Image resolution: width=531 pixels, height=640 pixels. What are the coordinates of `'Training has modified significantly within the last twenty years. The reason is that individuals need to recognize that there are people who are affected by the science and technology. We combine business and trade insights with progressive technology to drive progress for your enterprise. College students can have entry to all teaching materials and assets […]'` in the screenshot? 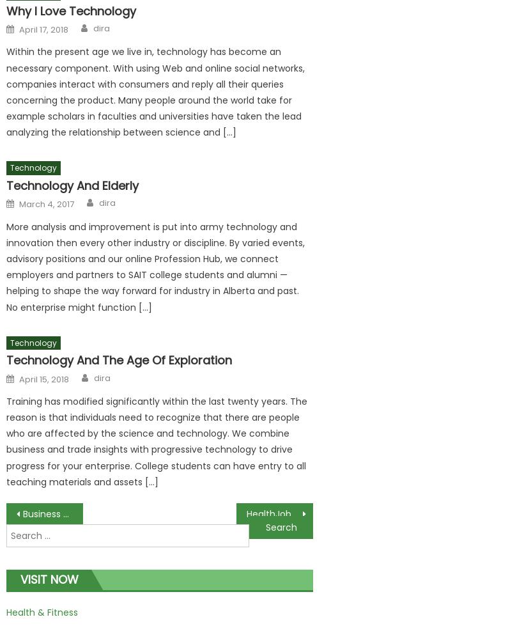 It's located at (156, 440).